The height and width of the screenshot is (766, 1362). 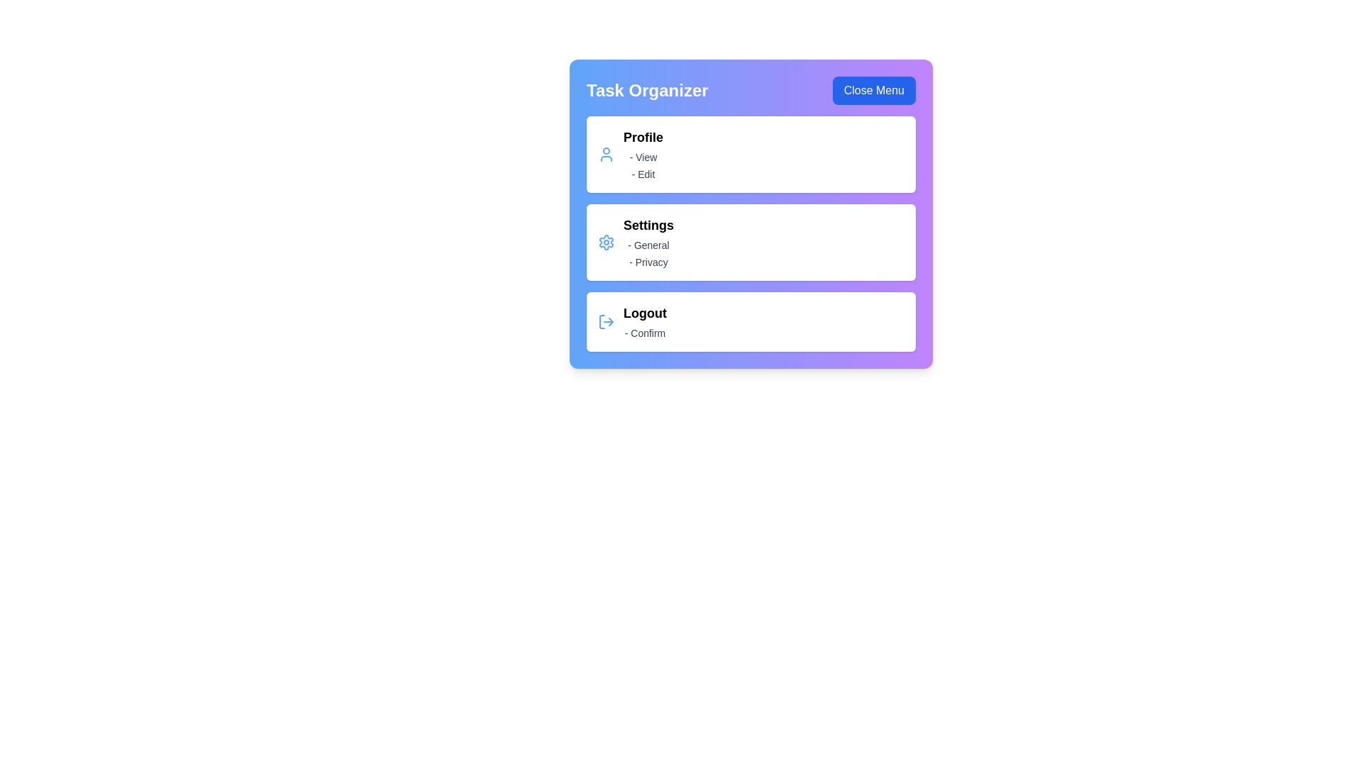 What do you see at coordinates (751, 322) in the screenshot?
I see `the menu item Logout by clicking on it` at bounding box center [751, 322].